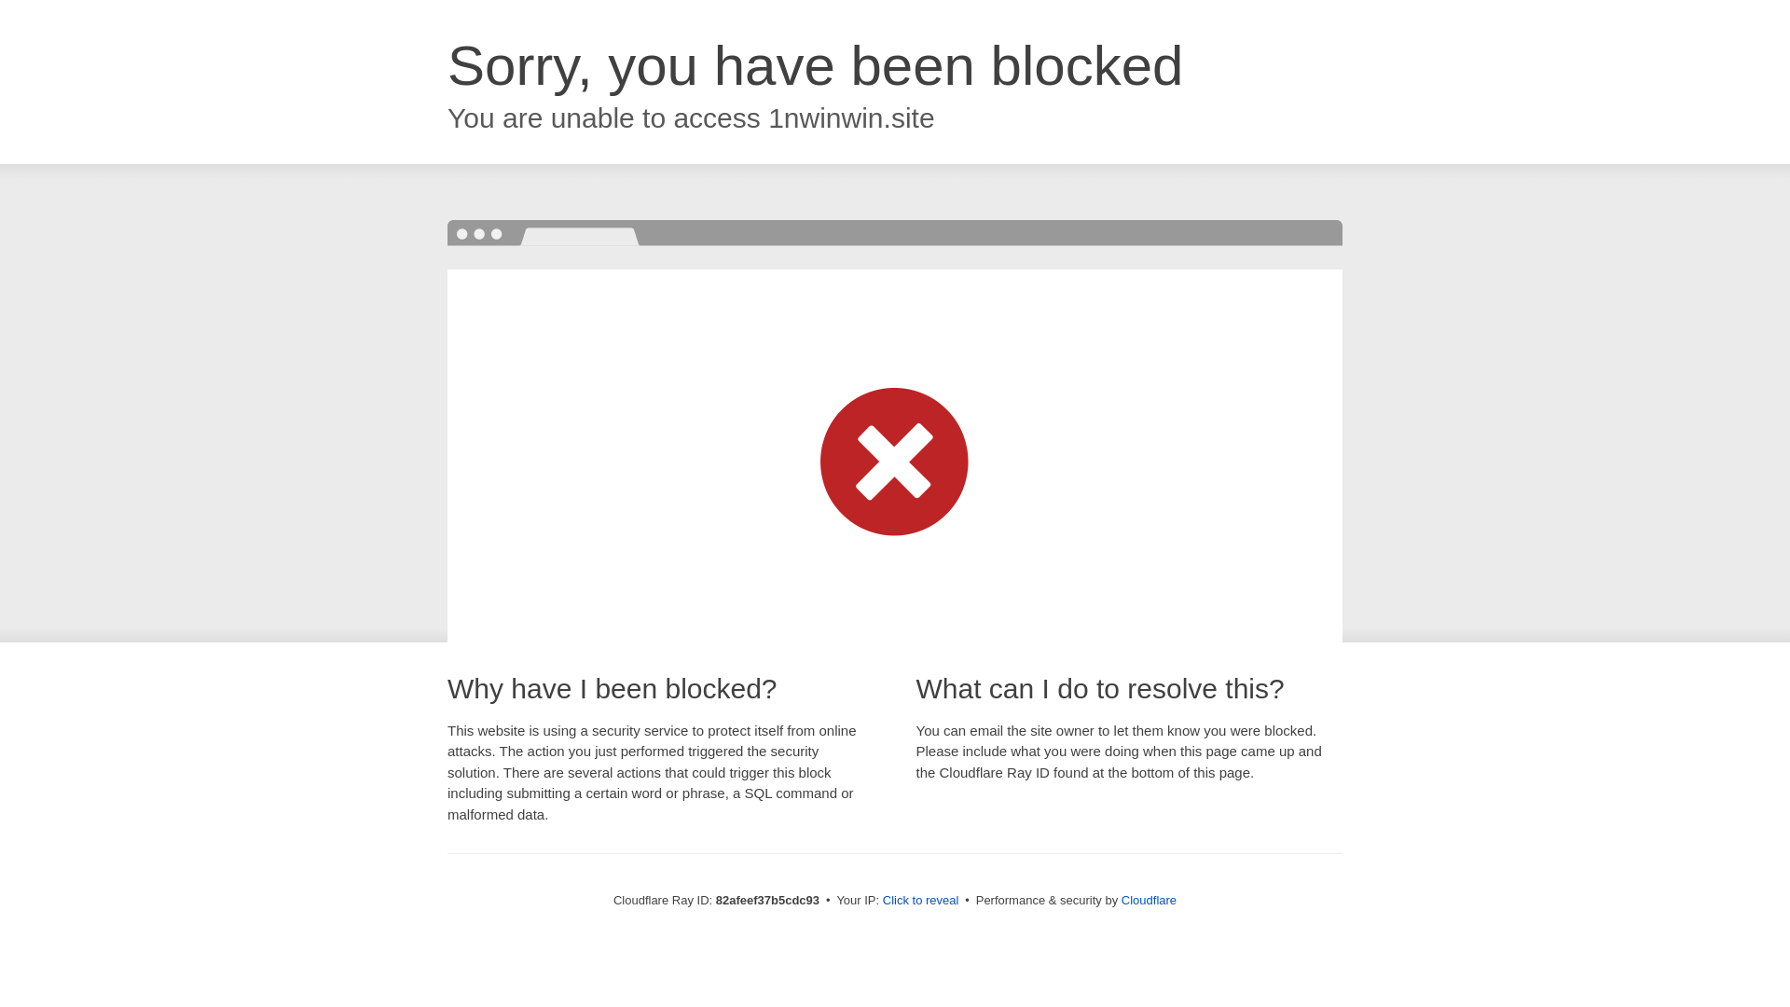  What do you see at coordinates (1148, 899) in the screenshot?
I see `'Cloudflare'` at bounding box center [1148, 899].